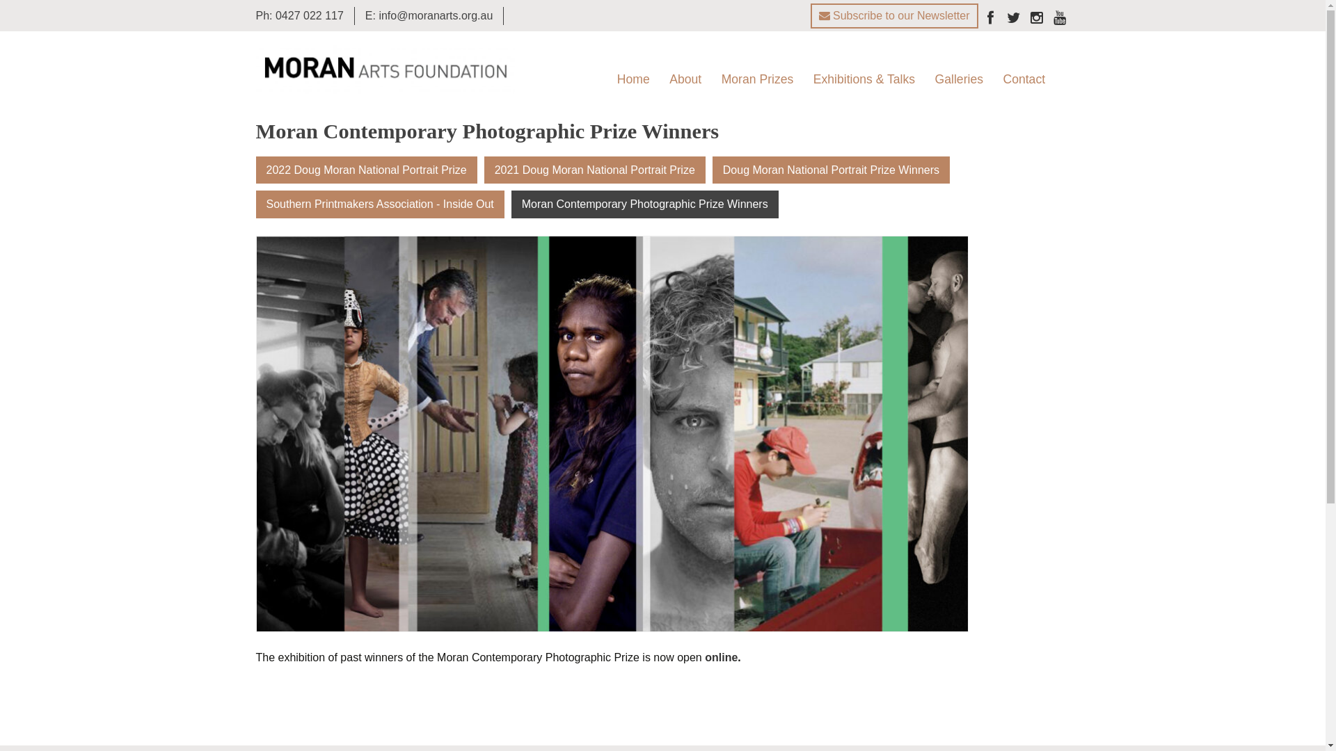 Image resolution: width=1336 pixels, height=751 pixels. I want to click on 'Contact', so click(994, 79).